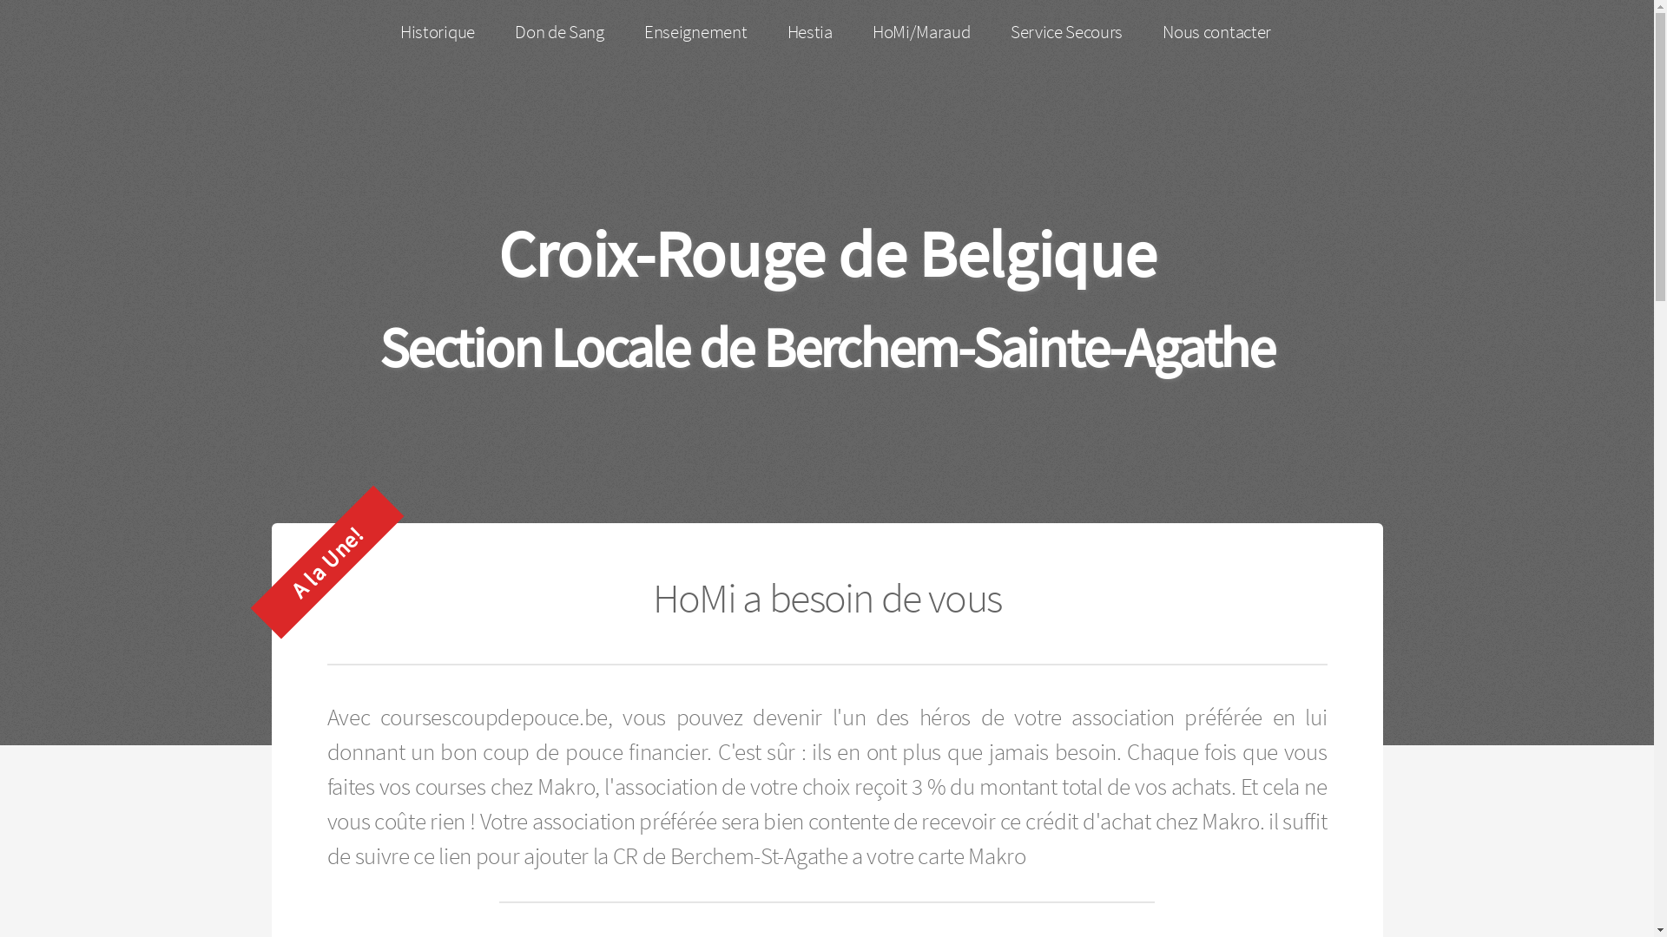 The width and height of the screenshot is (1667, 937). I want to click on 'Historique', so click(438, 32).